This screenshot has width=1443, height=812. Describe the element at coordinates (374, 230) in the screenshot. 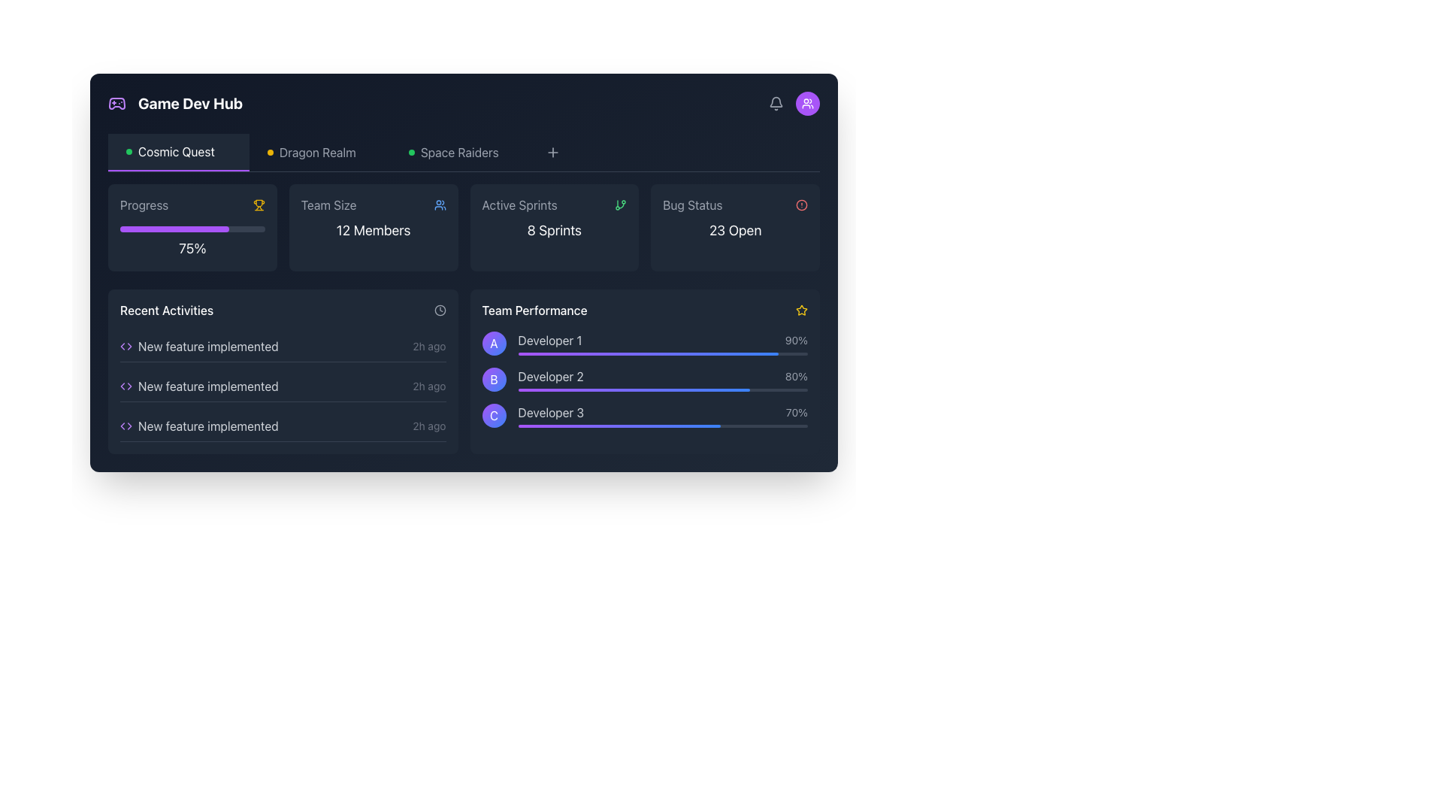

I see `the Text label displaying '12 Members' in large white font, located in the 'Team Size' section at the top horizontal panel` at that location.